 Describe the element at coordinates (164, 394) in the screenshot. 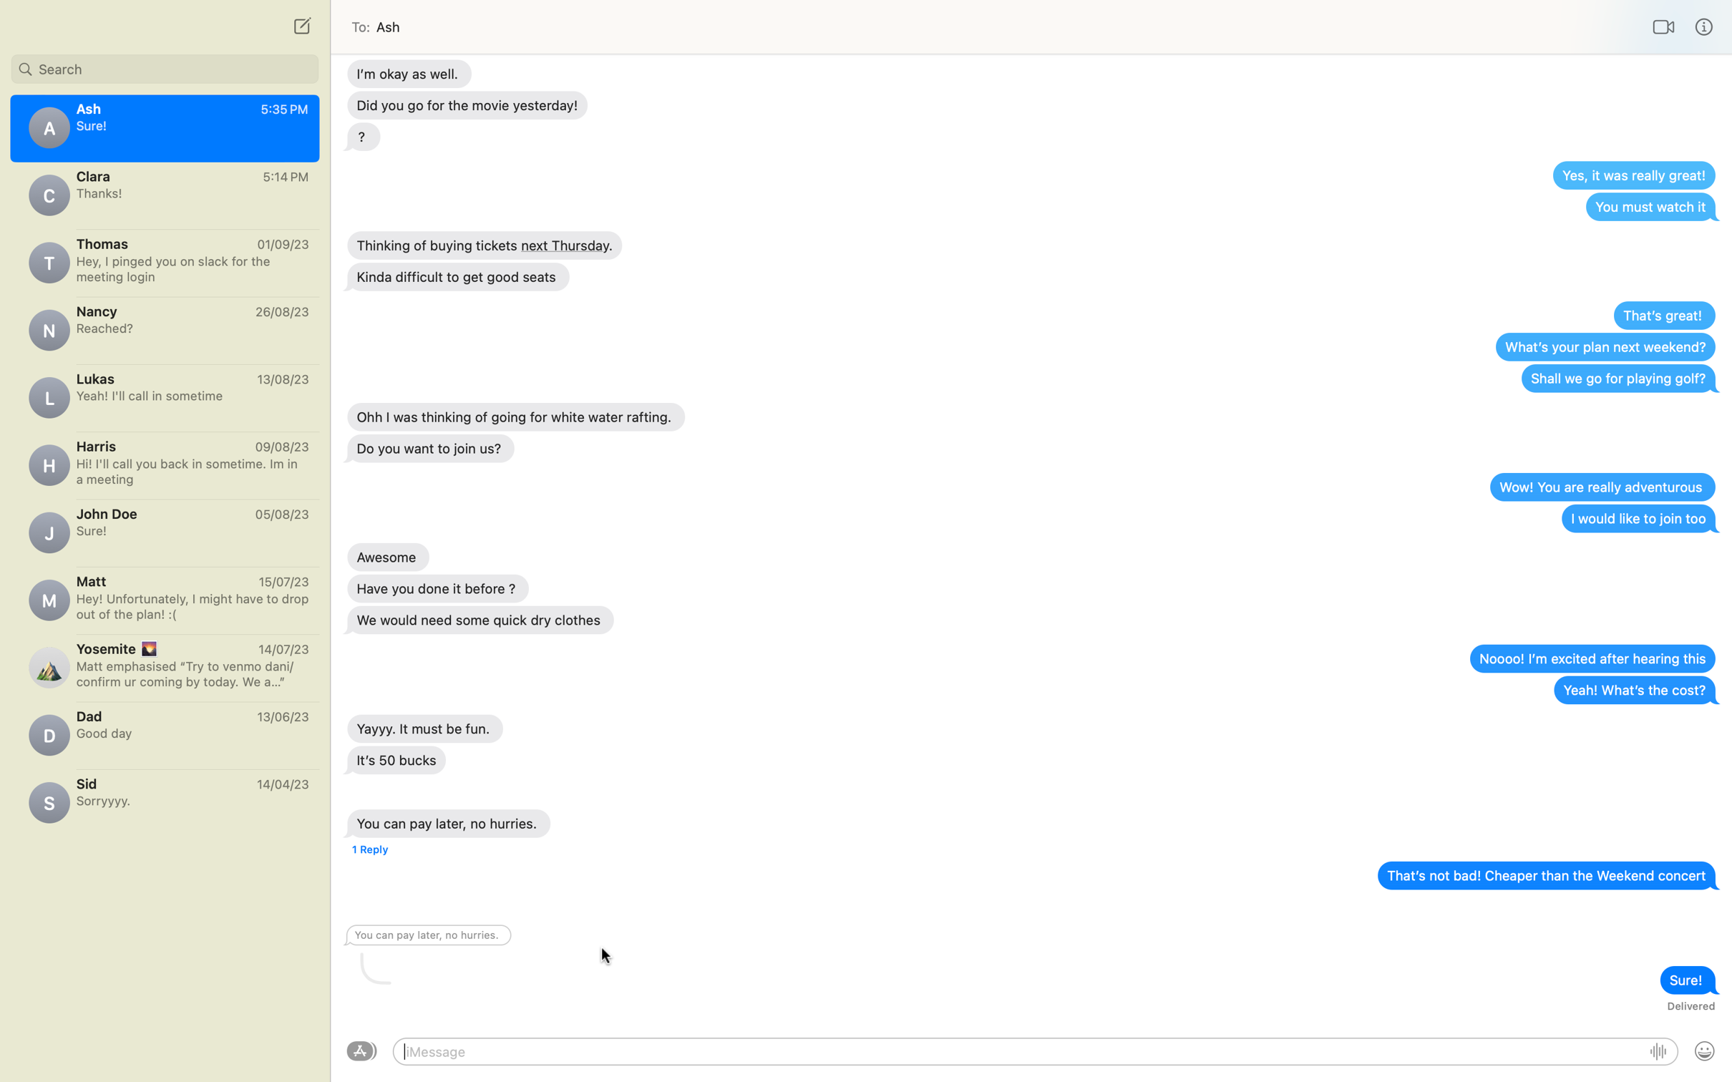

I see `Write a message to Lucas asking about his weekend` at that location.